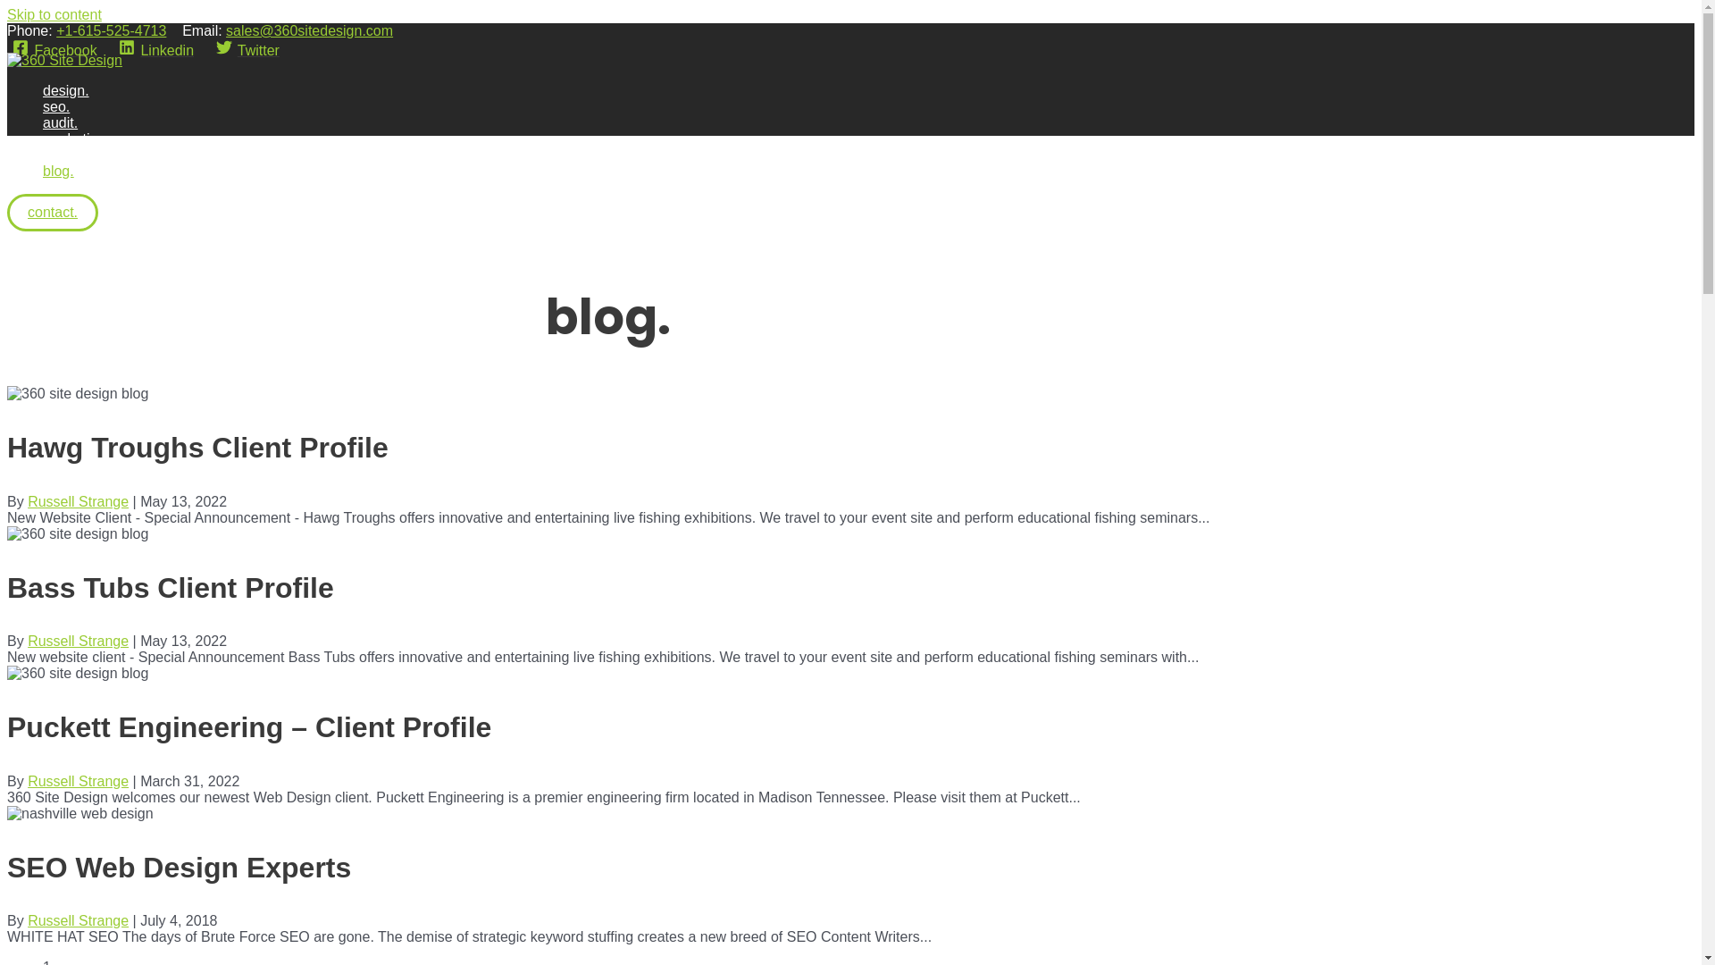 Image resolution: width=1715 pixels, height=965 pixels. What do you see at coordinates (210, 49) in the screenshot?
I see `'Twitter'` at bounding box center [210, 49].